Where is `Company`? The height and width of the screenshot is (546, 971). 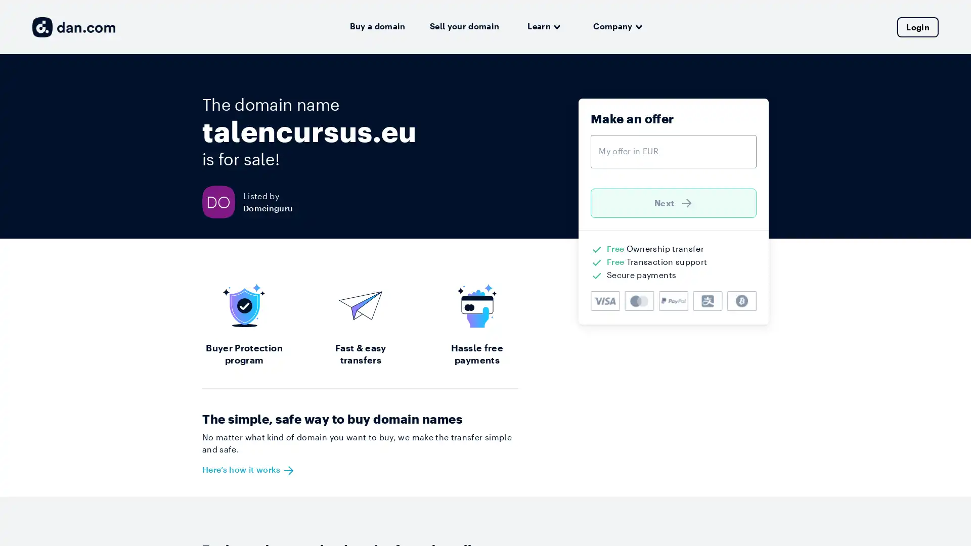
Company is located at coordinates (617, 26).